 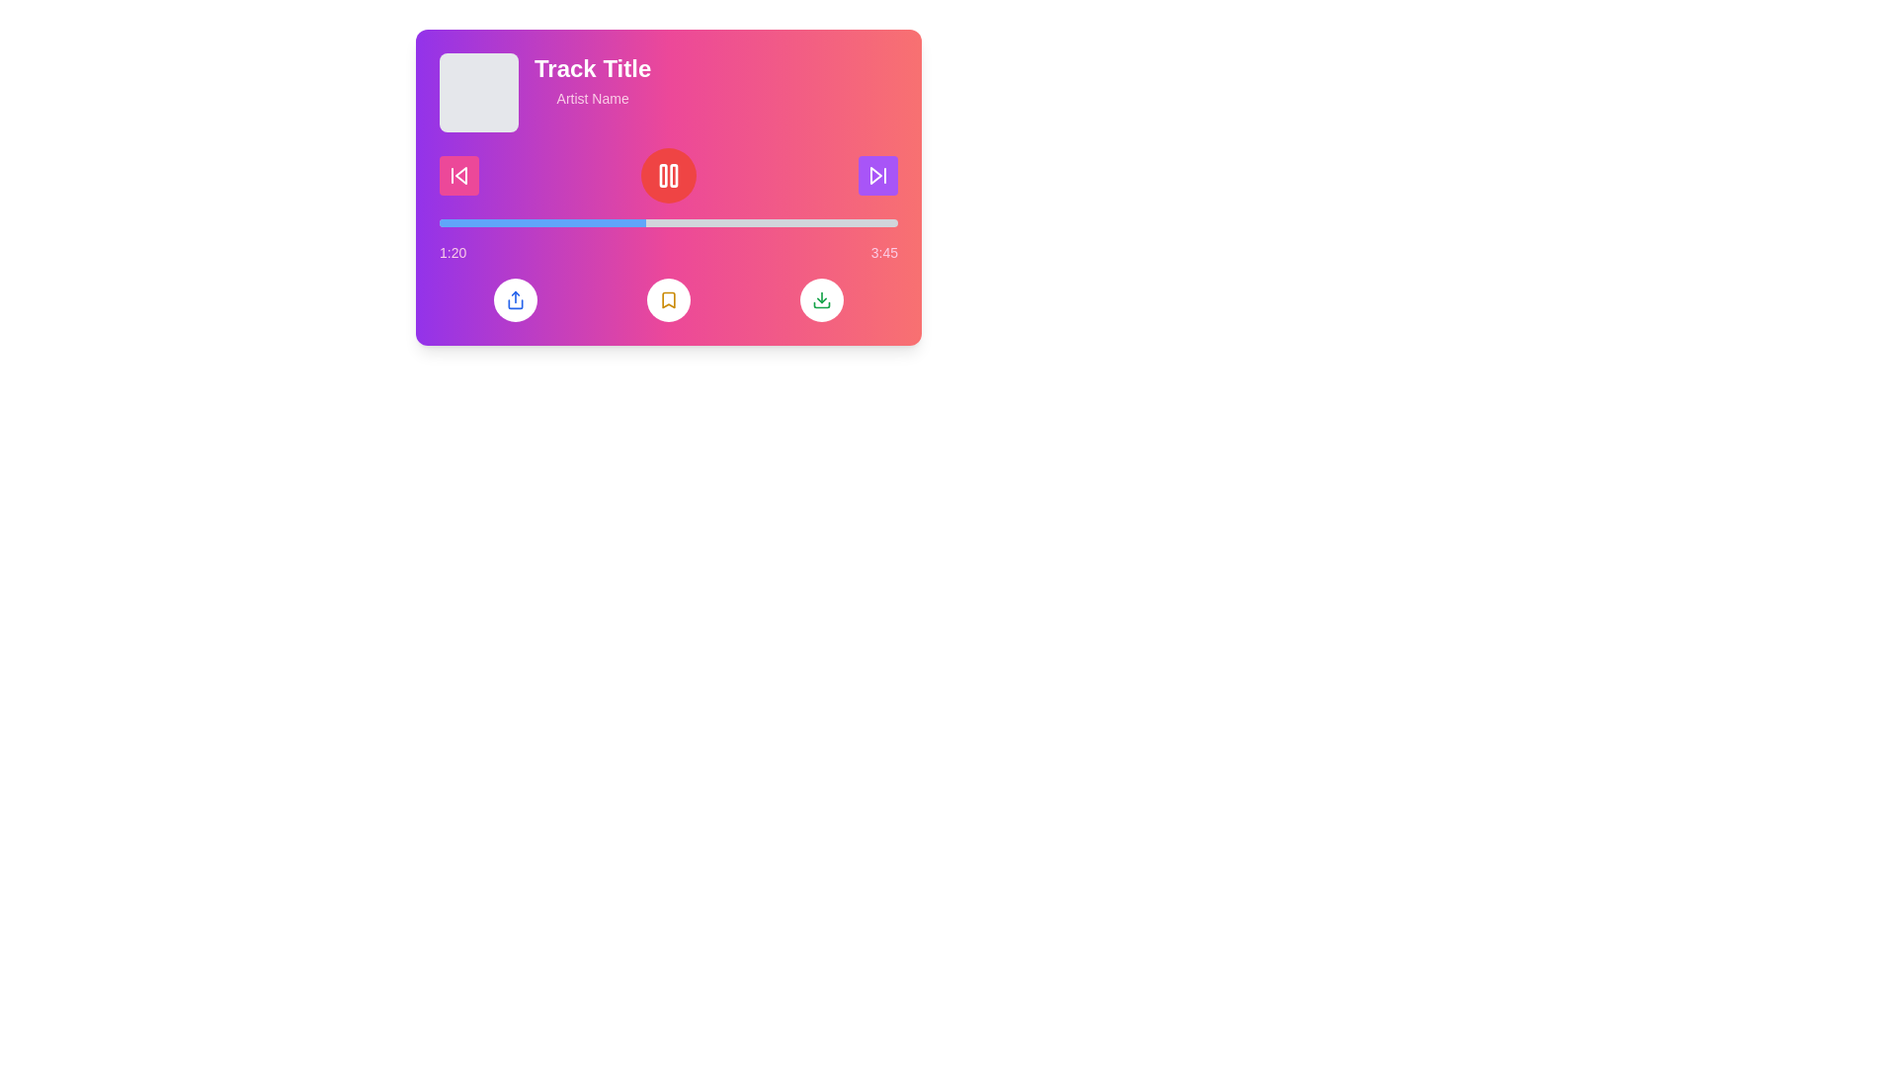 What do you see at coordinates (516, 300) in the screenshot?
I see `the first button from the left in the horizontal row of three buttons located below the music player's progress bar` at bounding box center [516, 300].